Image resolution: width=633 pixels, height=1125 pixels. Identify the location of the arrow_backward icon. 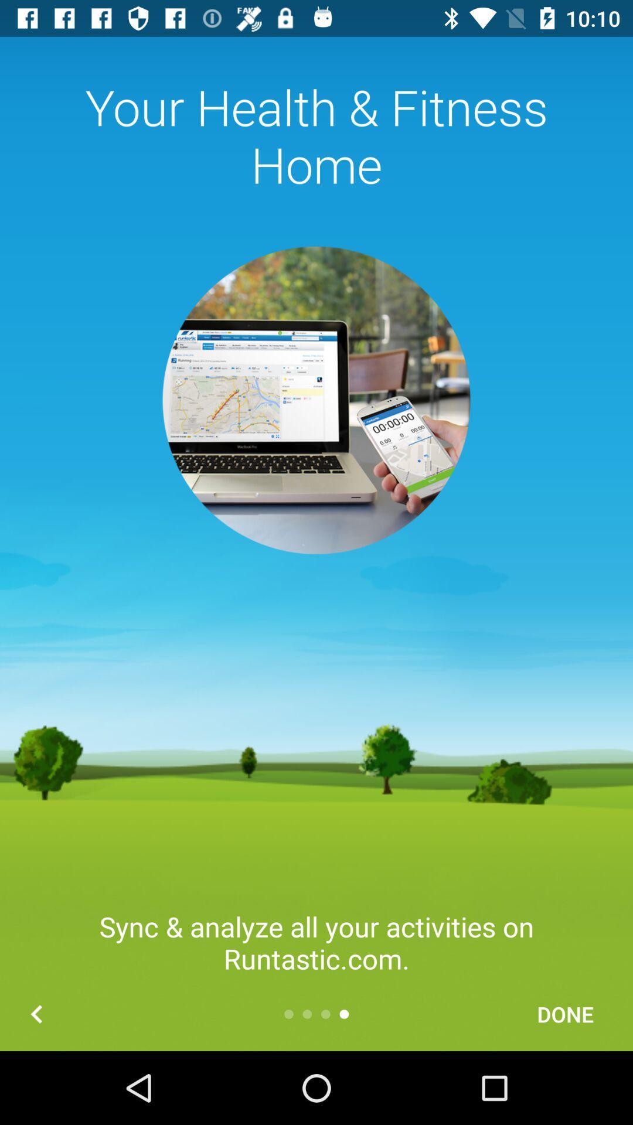
(36, 1014).